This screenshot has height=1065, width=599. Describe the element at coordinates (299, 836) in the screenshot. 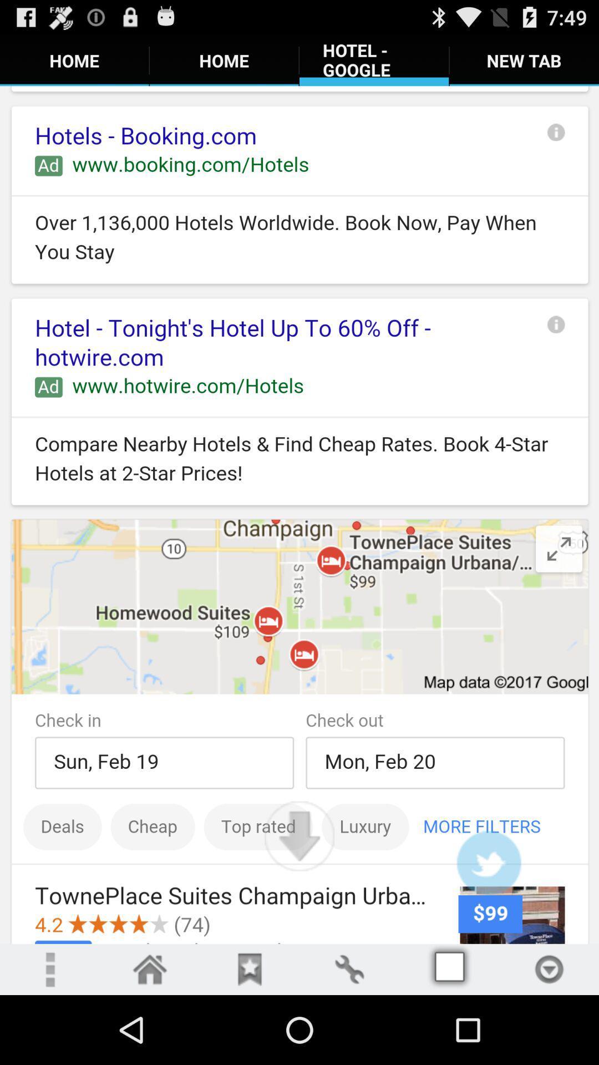

I see `scroll down page` at that location.